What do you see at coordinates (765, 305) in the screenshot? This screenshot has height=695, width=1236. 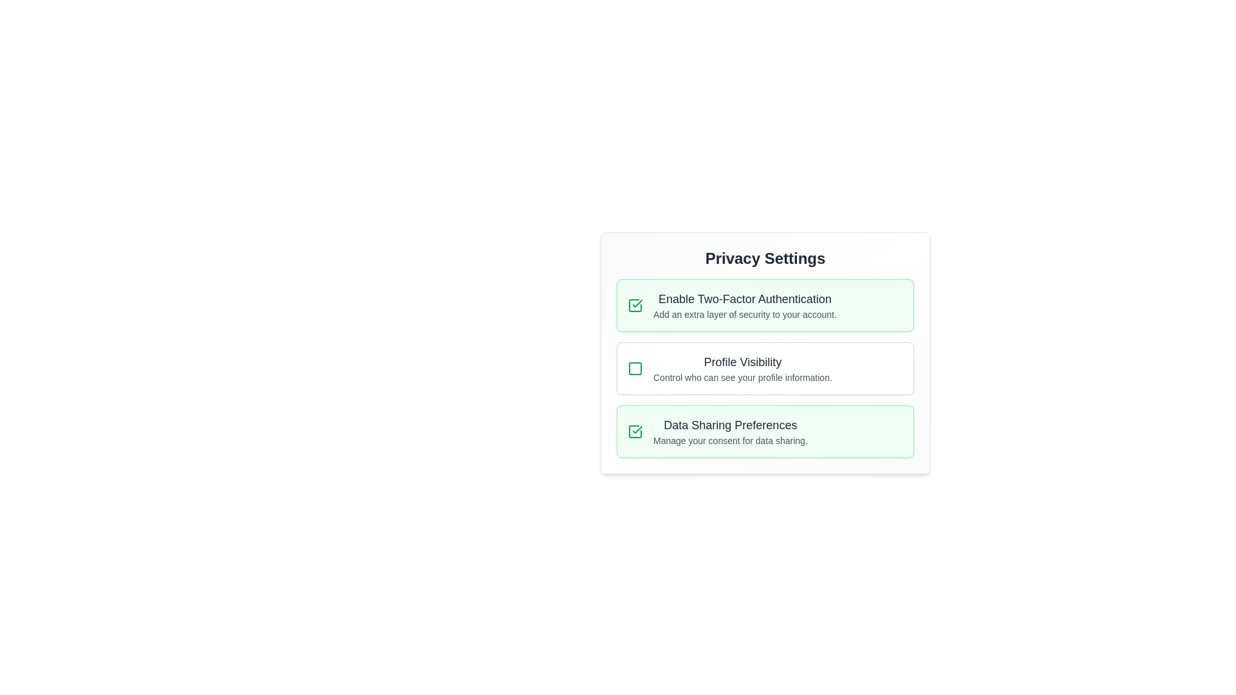 I see `the first selectable list item in the 'Privacy Settings' section that manages Two-Factor Authentication` at bounding box center [765, 305].